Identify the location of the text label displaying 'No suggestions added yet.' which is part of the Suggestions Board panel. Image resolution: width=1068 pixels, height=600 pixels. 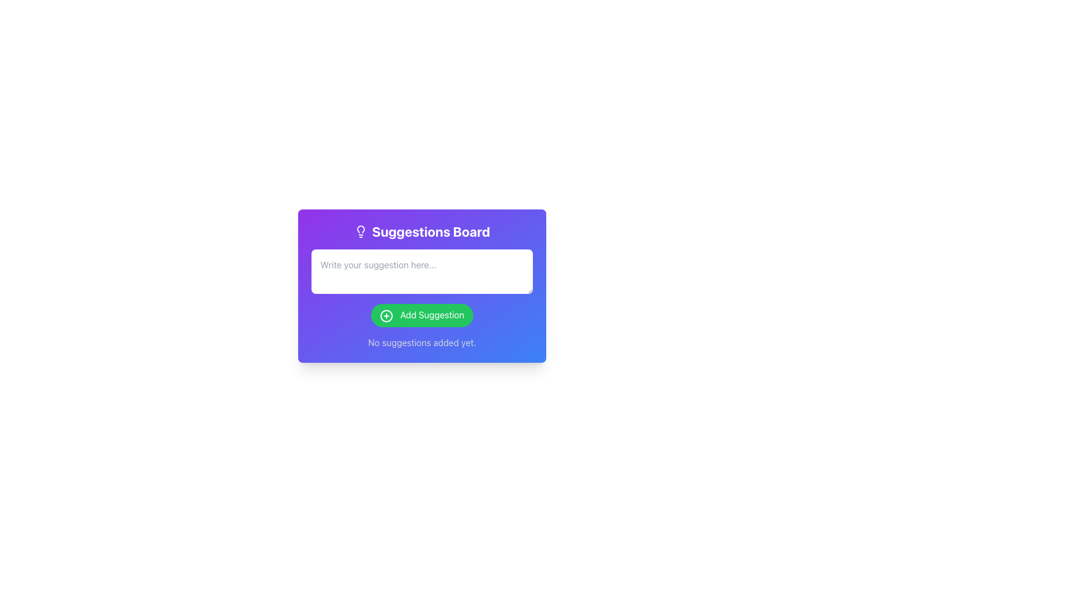
(421, 342).